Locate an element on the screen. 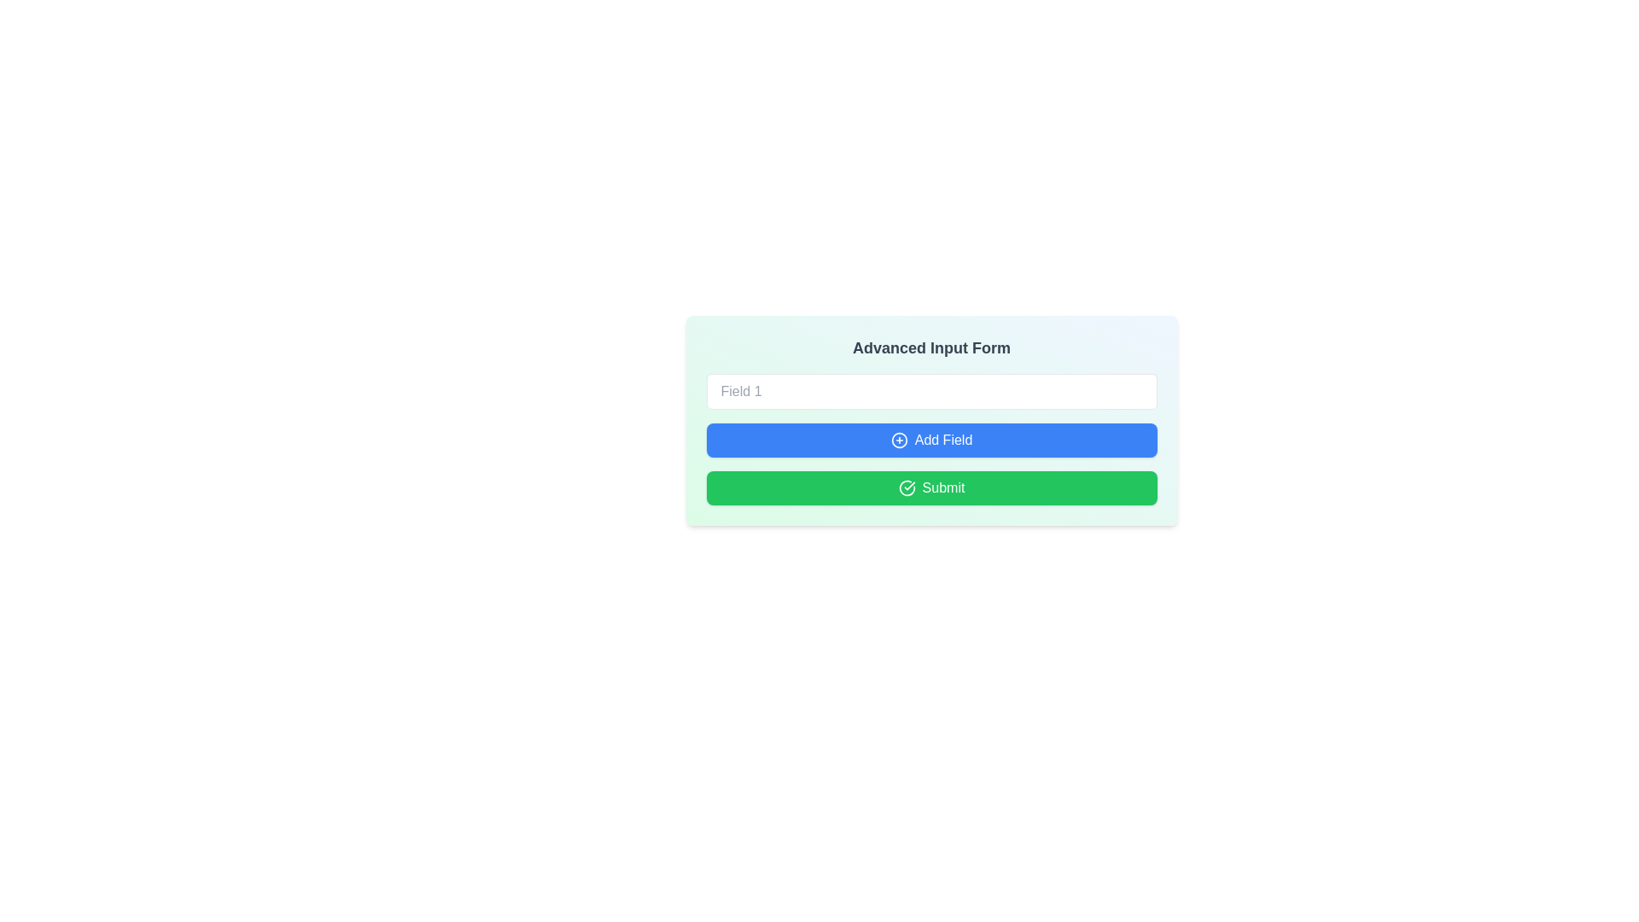 This screenshot has width=1639, height=922. the green 'Submit' button with a white check icon is located at coordinates (930, 487).